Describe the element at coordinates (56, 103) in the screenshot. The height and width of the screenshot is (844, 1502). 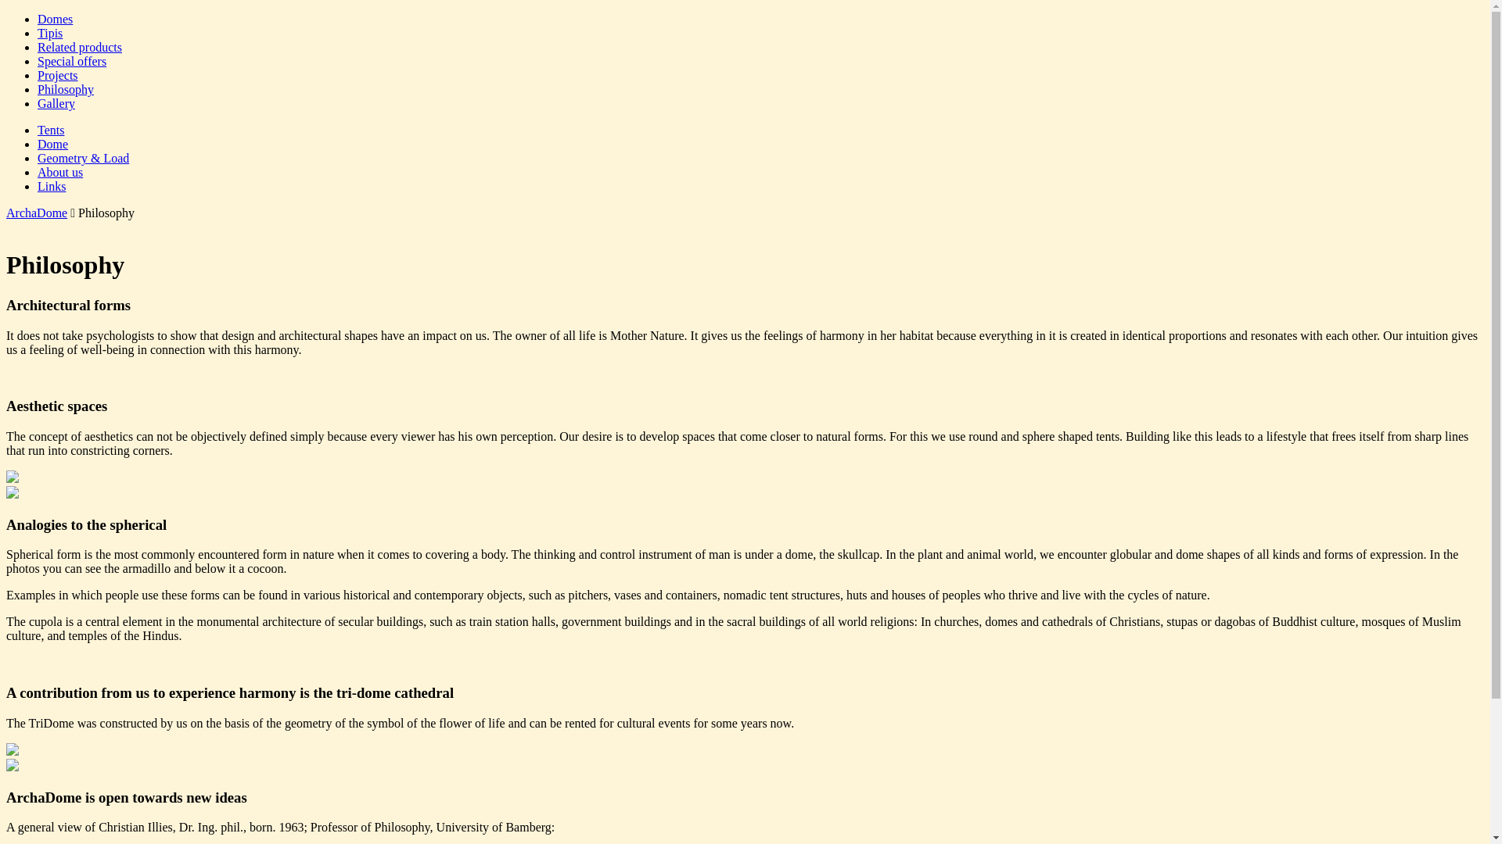
I see `'Gallery'` at that location.